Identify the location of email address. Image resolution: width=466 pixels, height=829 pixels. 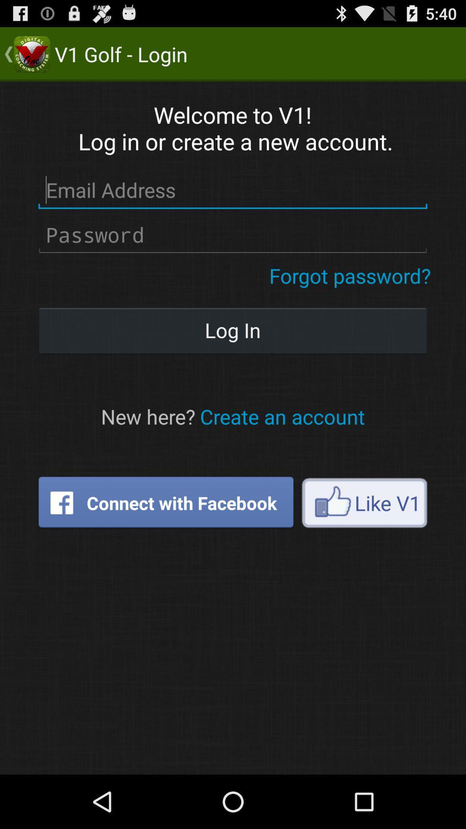
(232, 190).